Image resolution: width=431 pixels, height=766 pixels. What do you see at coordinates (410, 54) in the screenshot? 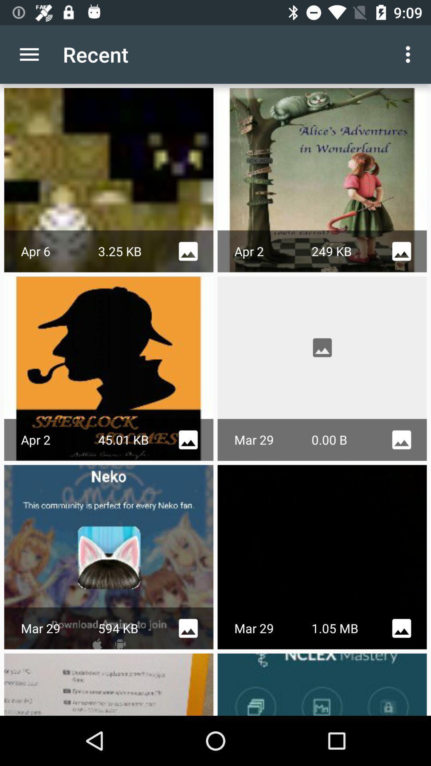
I see `icon next to the recent item` at bounding box center [410, 54].